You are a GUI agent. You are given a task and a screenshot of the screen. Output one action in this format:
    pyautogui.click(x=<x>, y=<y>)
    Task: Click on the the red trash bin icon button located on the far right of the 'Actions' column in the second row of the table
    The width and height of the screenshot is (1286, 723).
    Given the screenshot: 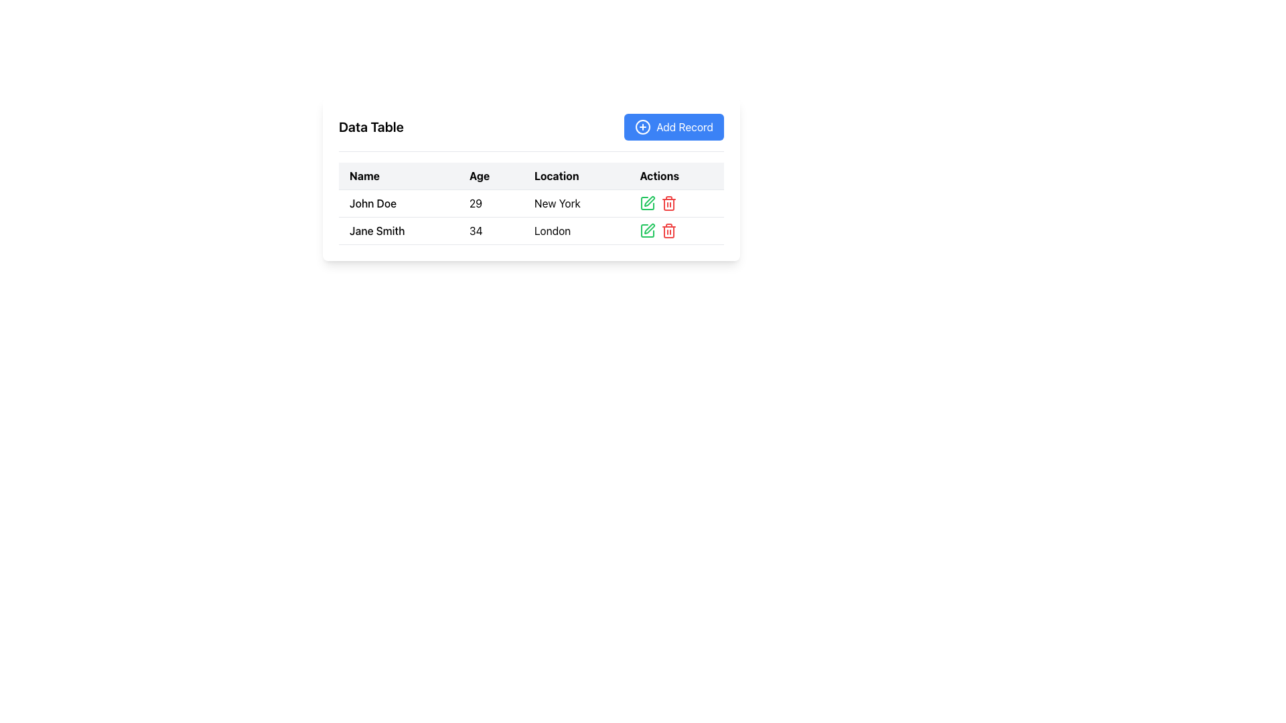 What is the action you would take?
    pyautogui.click(x=668, y=204)
    